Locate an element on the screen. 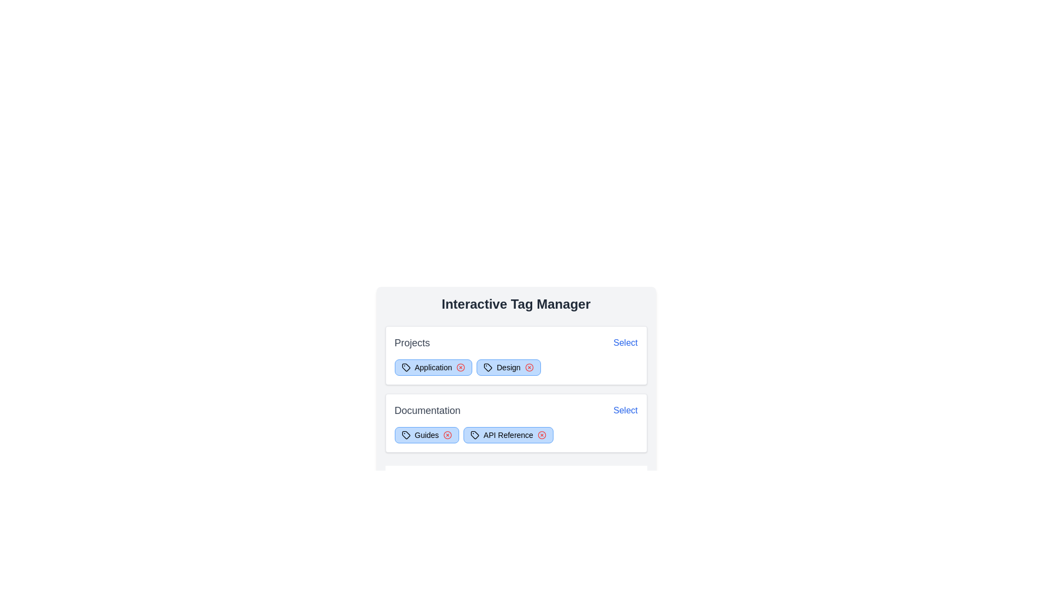 The height and width of the screenshot is (589, 1047). the SVG Icon resembling a tag located within the 'Documentation' group, specifically in the 'Guides' tag, positioned to the left of the associated text is located at coordinates (405, 435).